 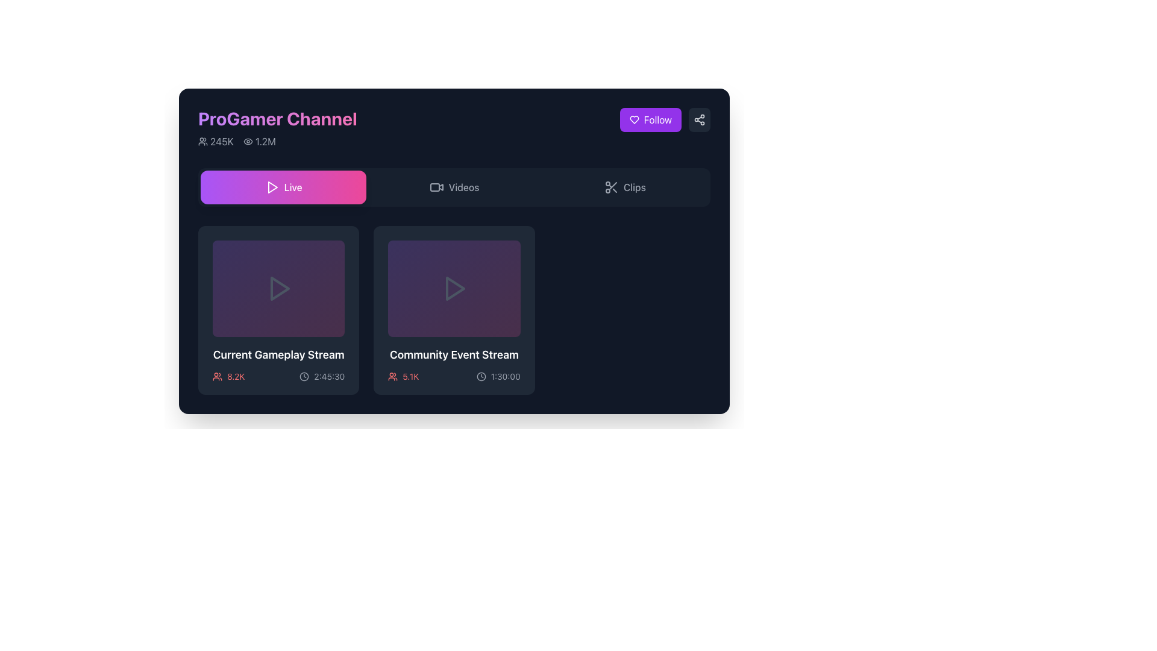 I want to click on value displayed in the Text with Icon element showing '245K', styled with light text color on a dark background, positioned below the title 'ProGamer Channel', so click(x=216, y=141).